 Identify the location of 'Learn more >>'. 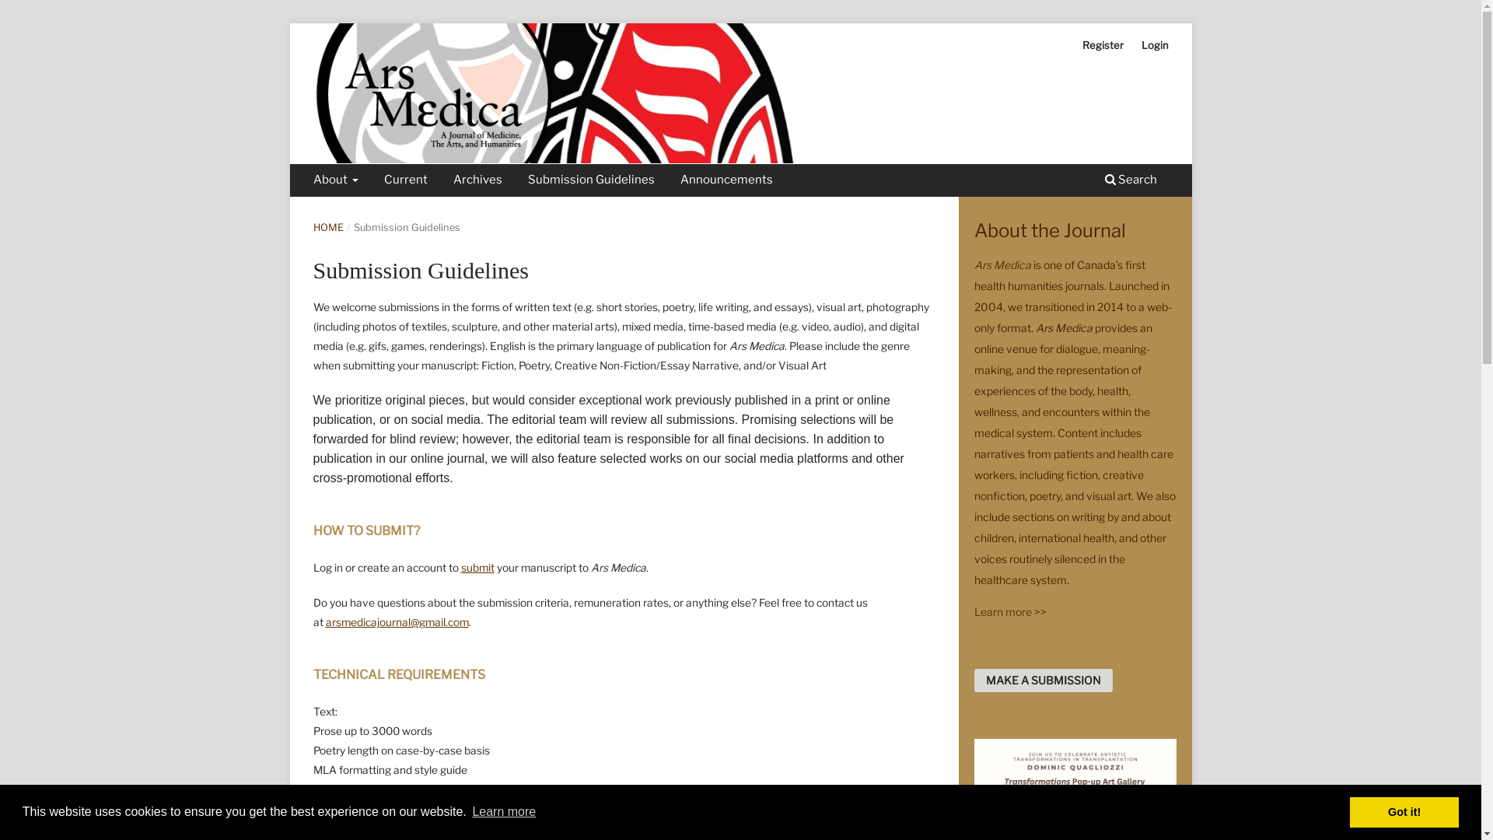
(1009, 611).